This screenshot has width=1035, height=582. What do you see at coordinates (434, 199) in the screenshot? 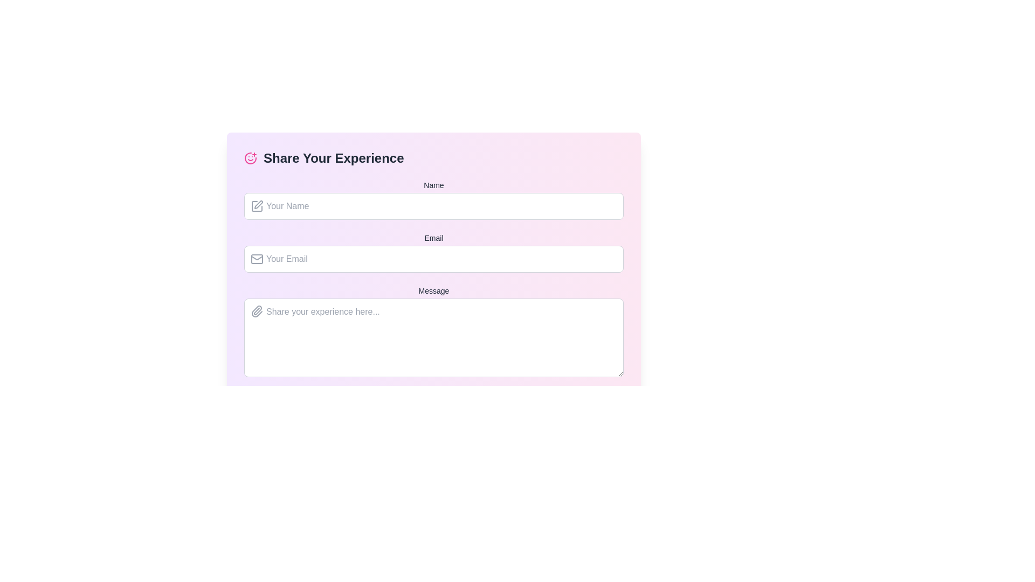
I see `the Name input field located at the top of the input groups, which allows users to enter their name` at bounding box center [434, 199].